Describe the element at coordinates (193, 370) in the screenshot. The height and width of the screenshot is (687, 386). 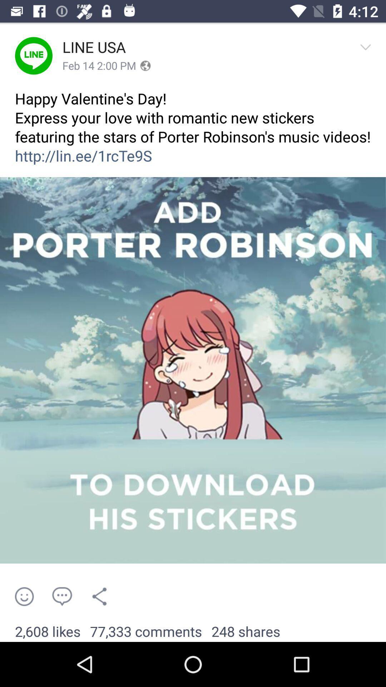
I see `the icon at the center` at that location.